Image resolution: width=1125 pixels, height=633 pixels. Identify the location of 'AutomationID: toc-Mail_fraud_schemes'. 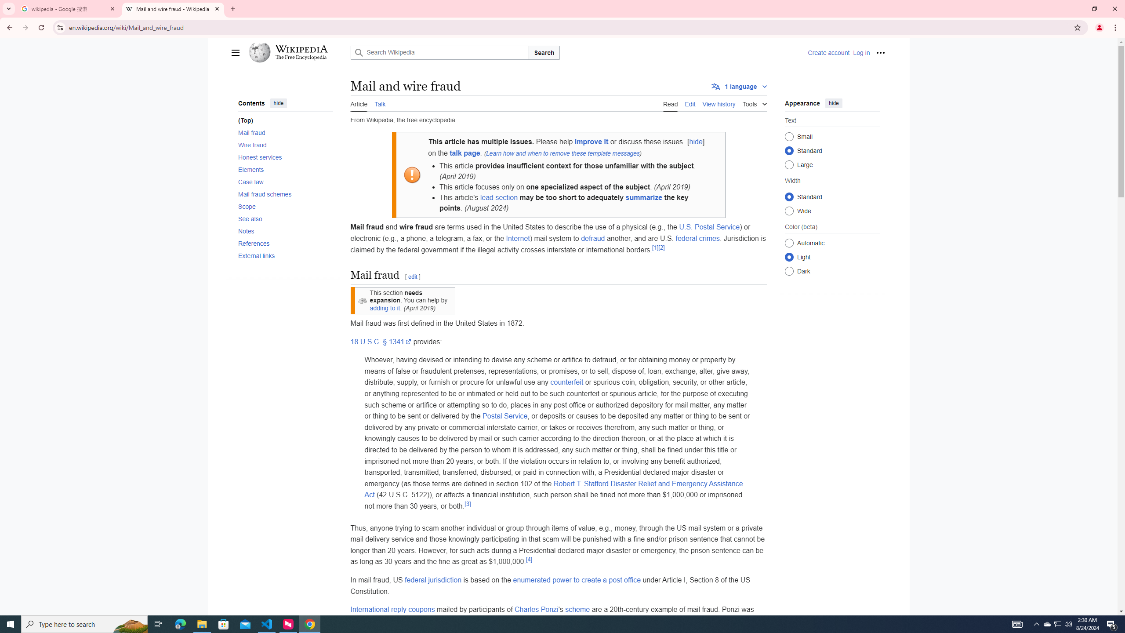
(283, 194).